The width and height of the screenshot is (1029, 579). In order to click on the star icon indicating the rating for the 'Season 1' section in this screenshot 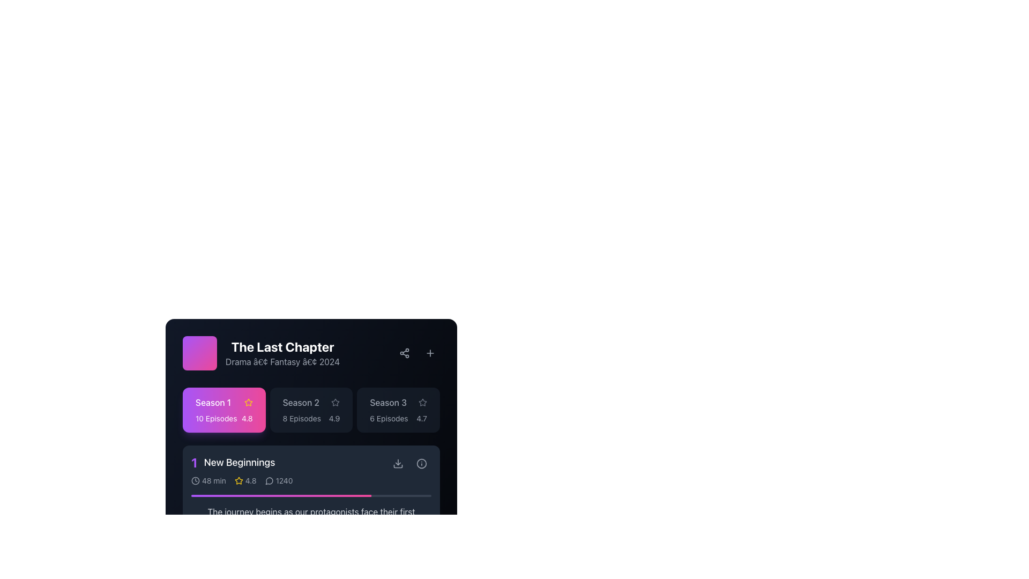, I will do `click(248, 402)`.